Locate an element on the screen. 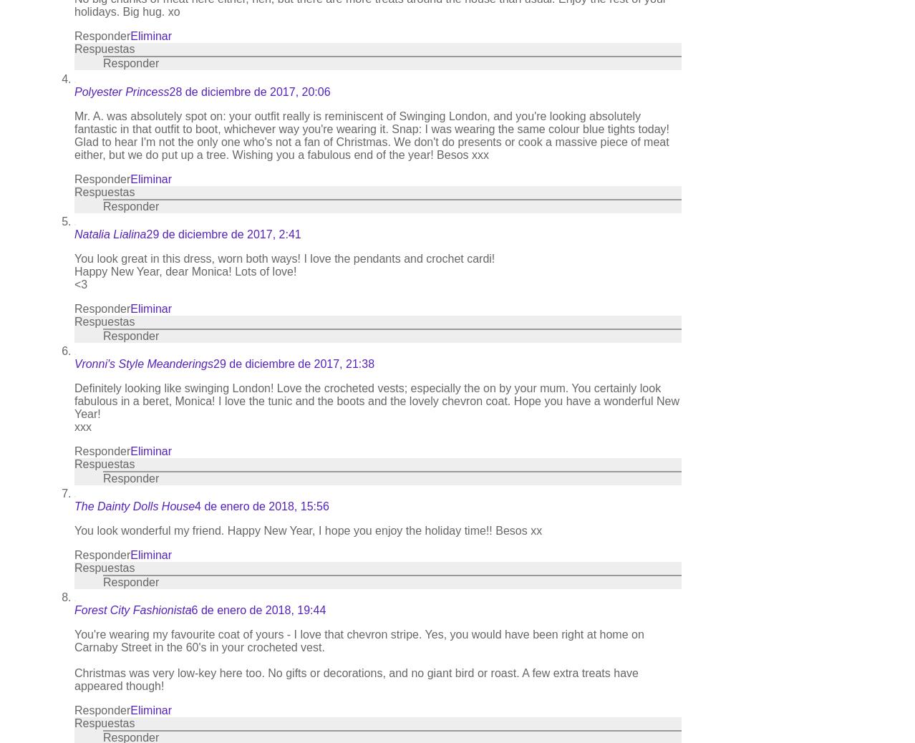 The image size is (915, 743). 'Forest City Fashionista' is located at coordinates (132, 610).